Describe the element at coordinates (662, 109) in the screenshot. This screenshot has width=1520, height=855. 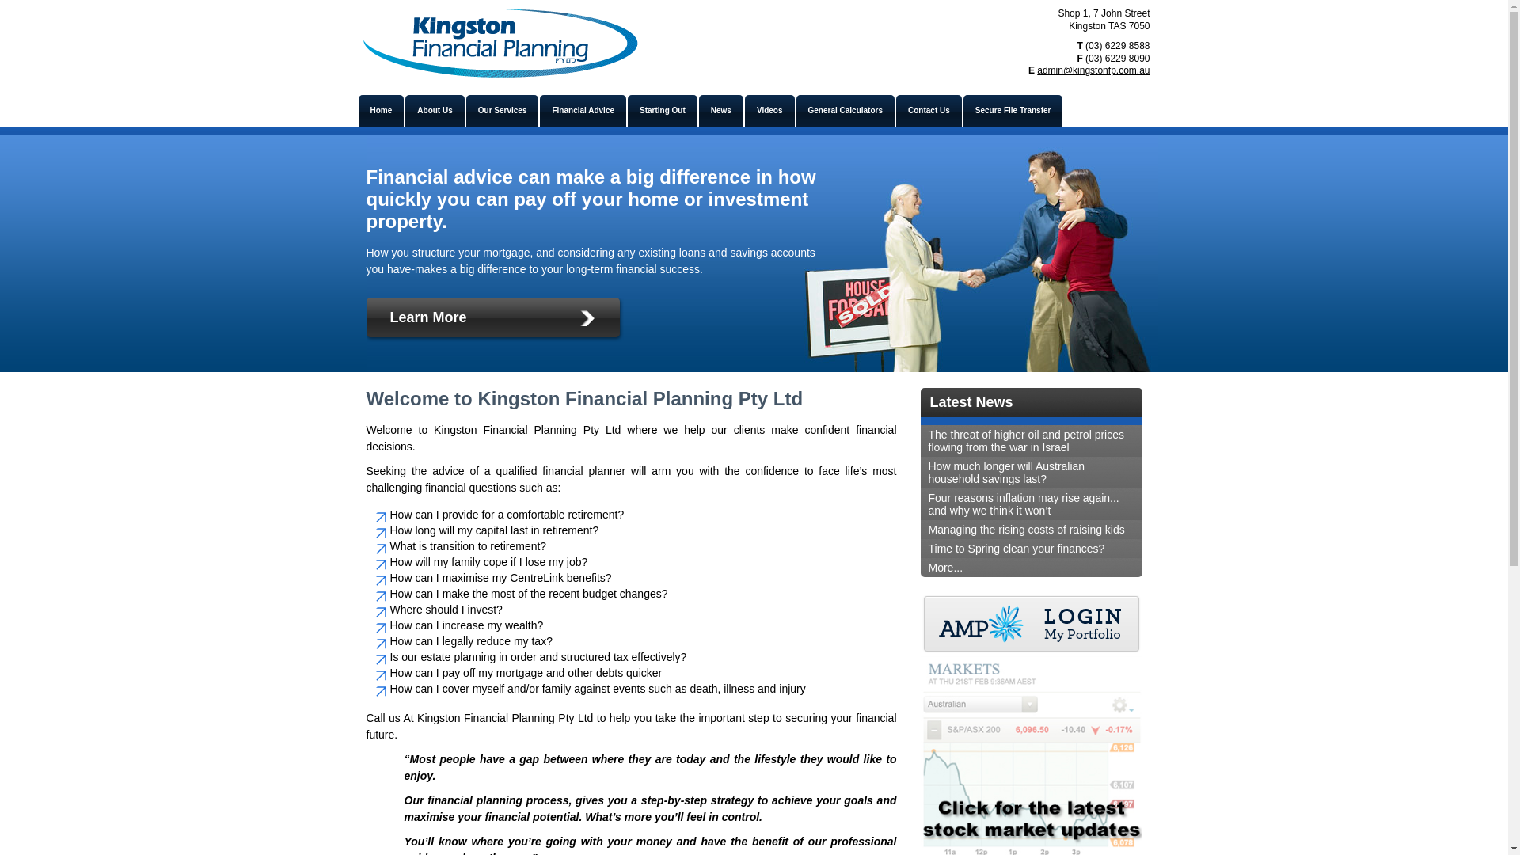
I see `'Starting Out'` at that location.